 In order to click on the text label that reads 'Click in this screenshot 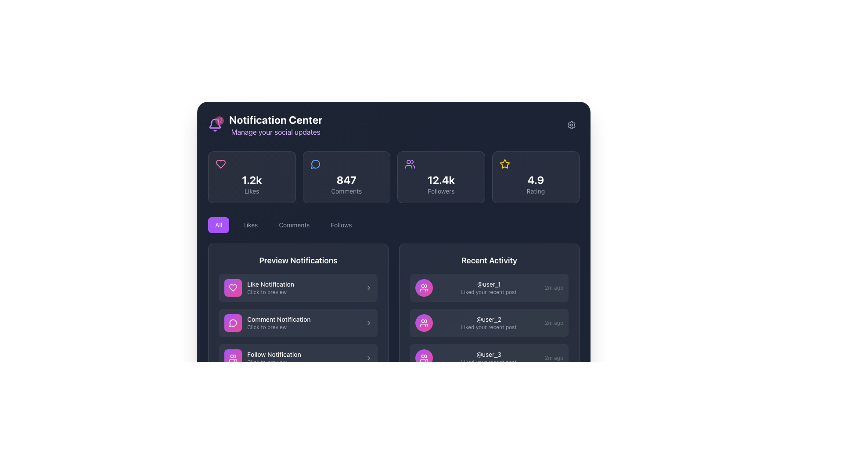, I will do `click(303, 362)`.